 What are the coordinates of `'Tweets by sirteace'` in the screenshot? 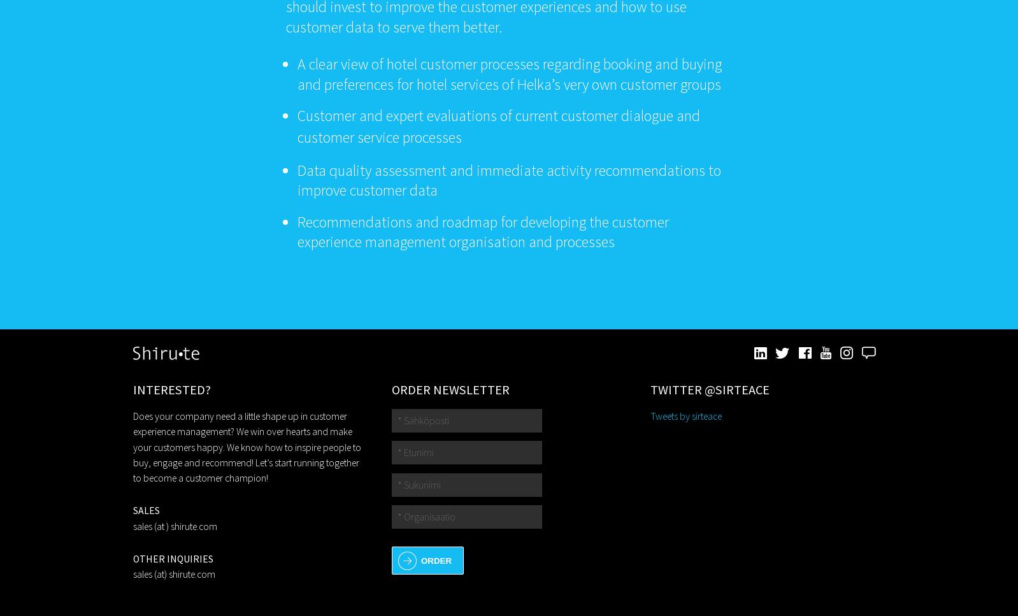 It's located at (649, 415).